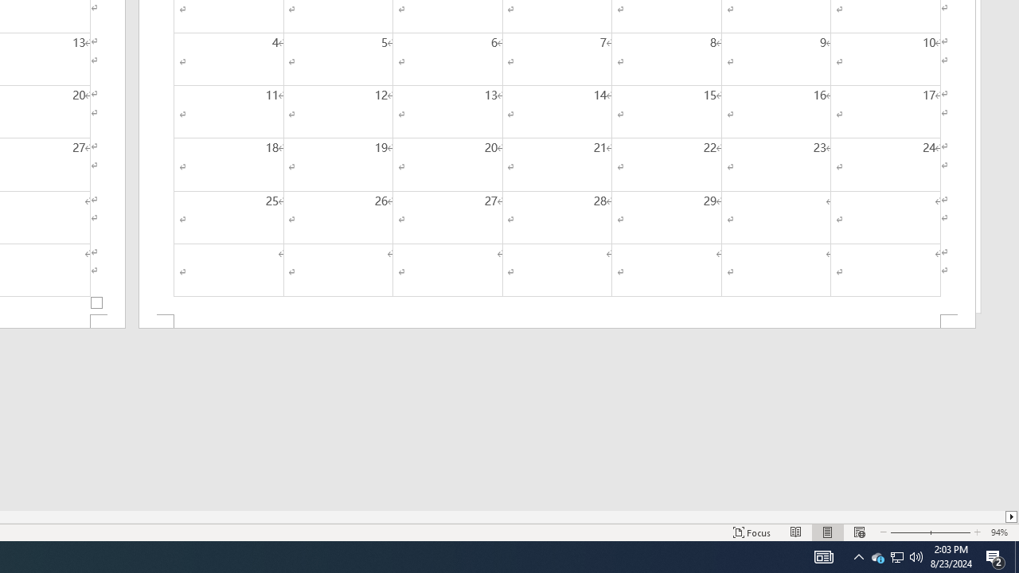 The image size is (1019, 573). Describe the element at coordinates (557, 322) in the screenshot. I see `'Footer -Section 2-'` at that location.